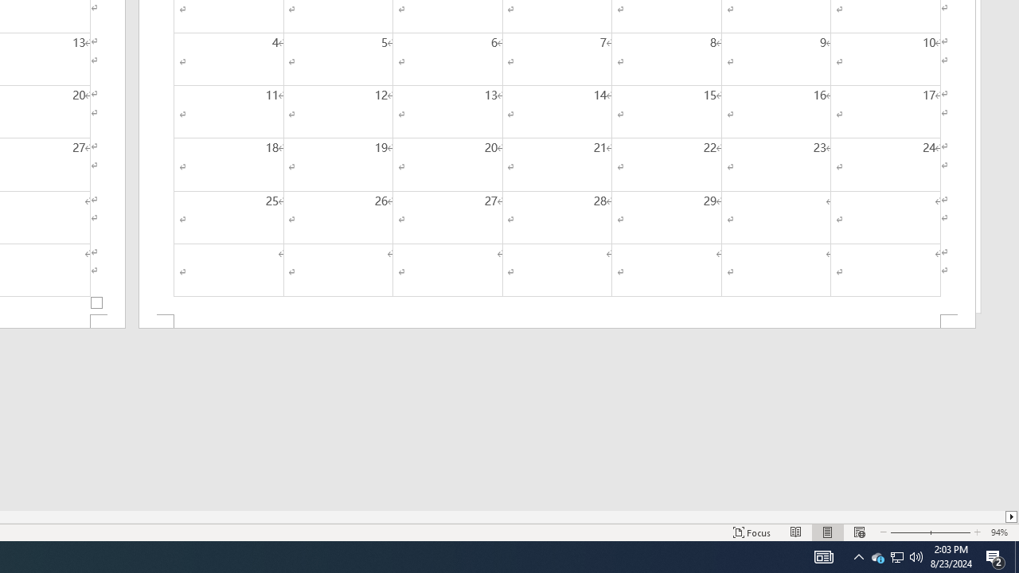 The image size is (1019, 573). Describe the element at coordinates (557, 322) in the screenshot. I see `'Footer -Section 2-'` at that location.